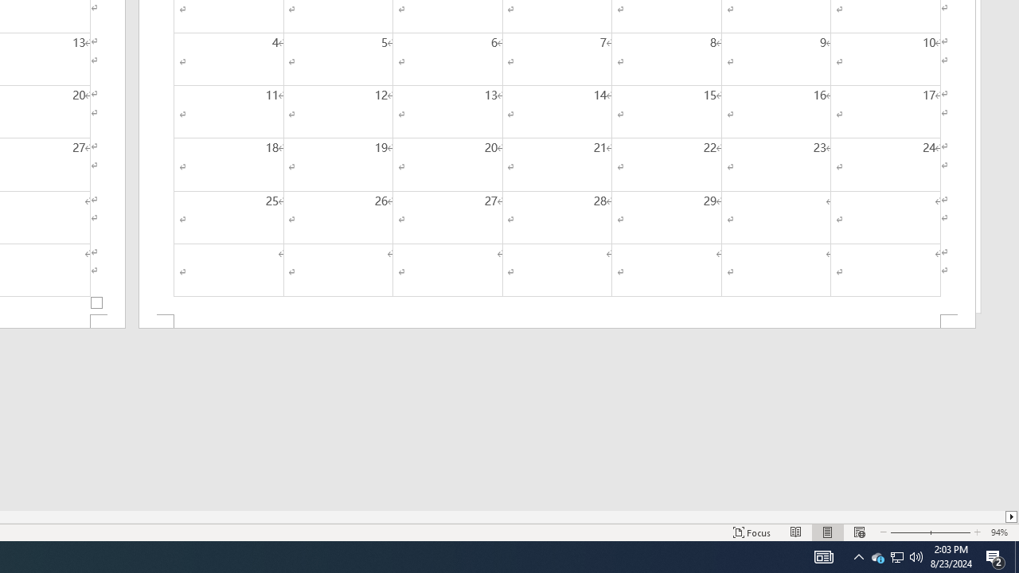 The image size is (1019, 573). Describe the element at coordinates (557, 322) in the screenshot. I see `'Footer -Section 2-'` at that location.